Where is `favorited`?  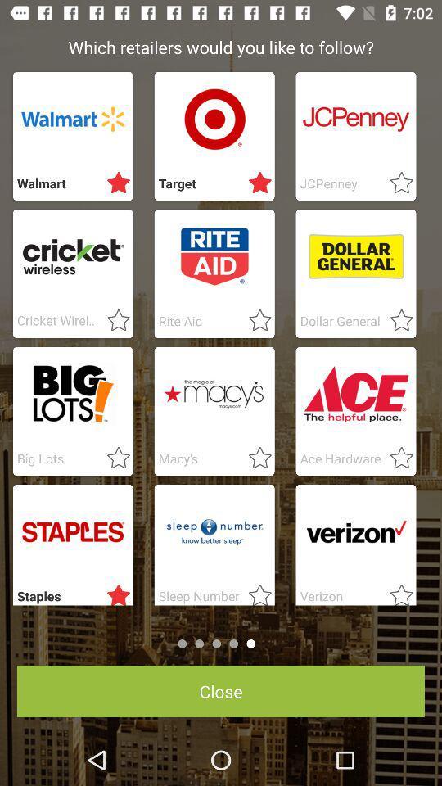
favorited is located at coordinates (113, 320).